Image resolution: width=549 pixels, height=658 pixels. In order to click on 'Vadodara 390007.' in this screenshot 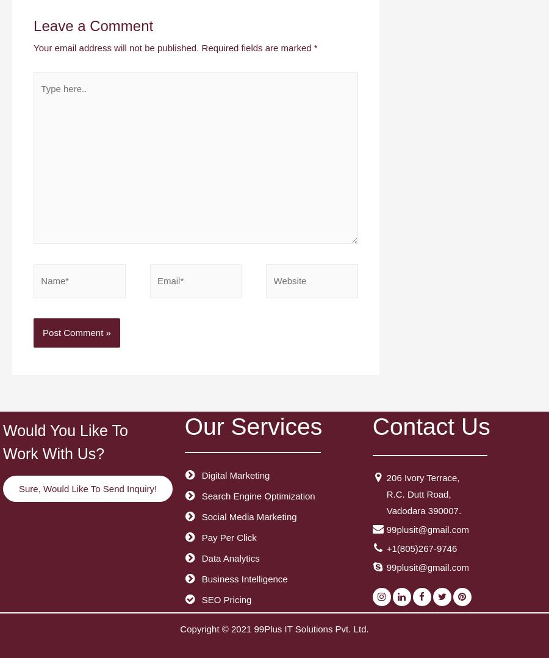, I will do `click(423, 510)`.